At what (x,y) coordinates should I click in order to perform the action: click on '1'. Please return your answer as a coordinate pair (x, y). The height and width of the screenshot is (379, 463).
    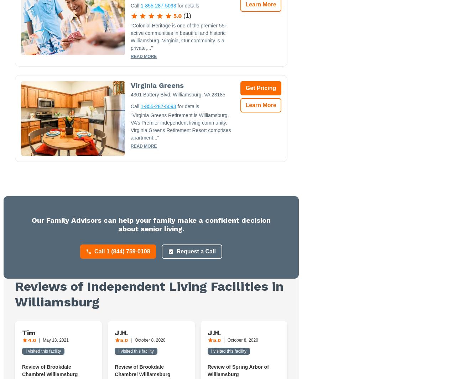
    Looking at the image, I should click on (186, 15).